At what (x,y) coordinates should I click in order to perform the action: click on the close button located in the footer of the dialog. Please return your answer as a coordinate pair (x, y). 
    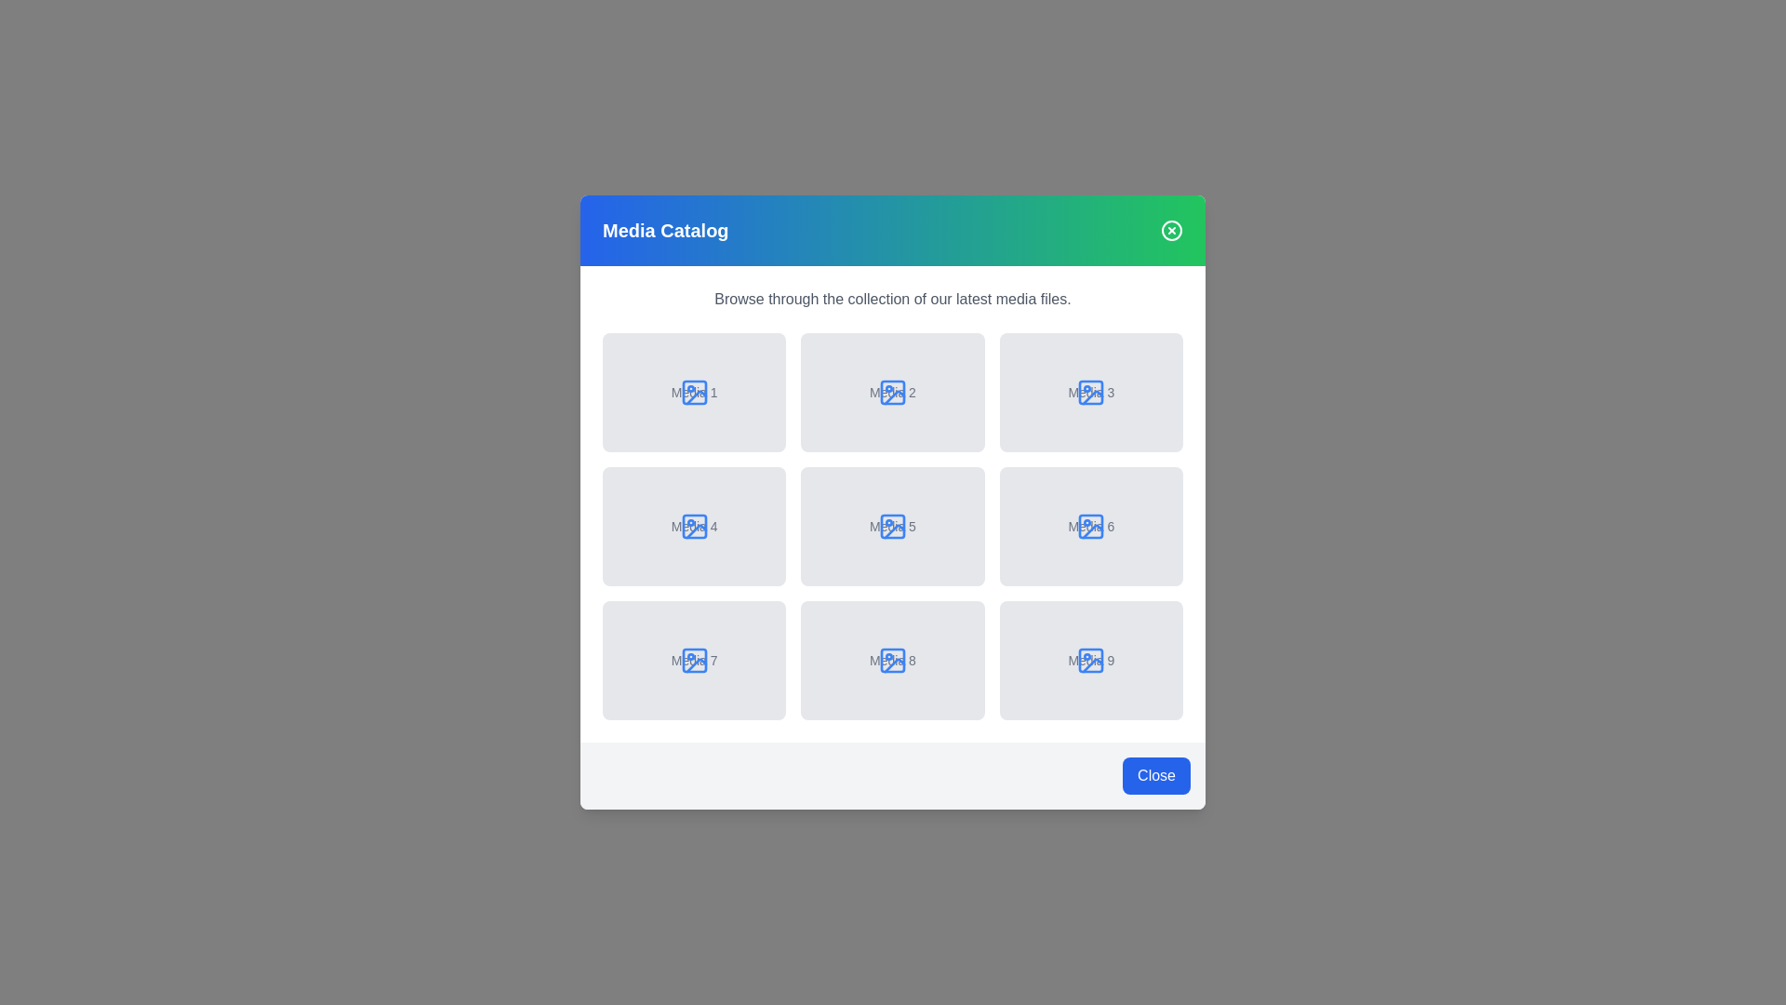
    Looking at the image, I should click on (1155, 775).